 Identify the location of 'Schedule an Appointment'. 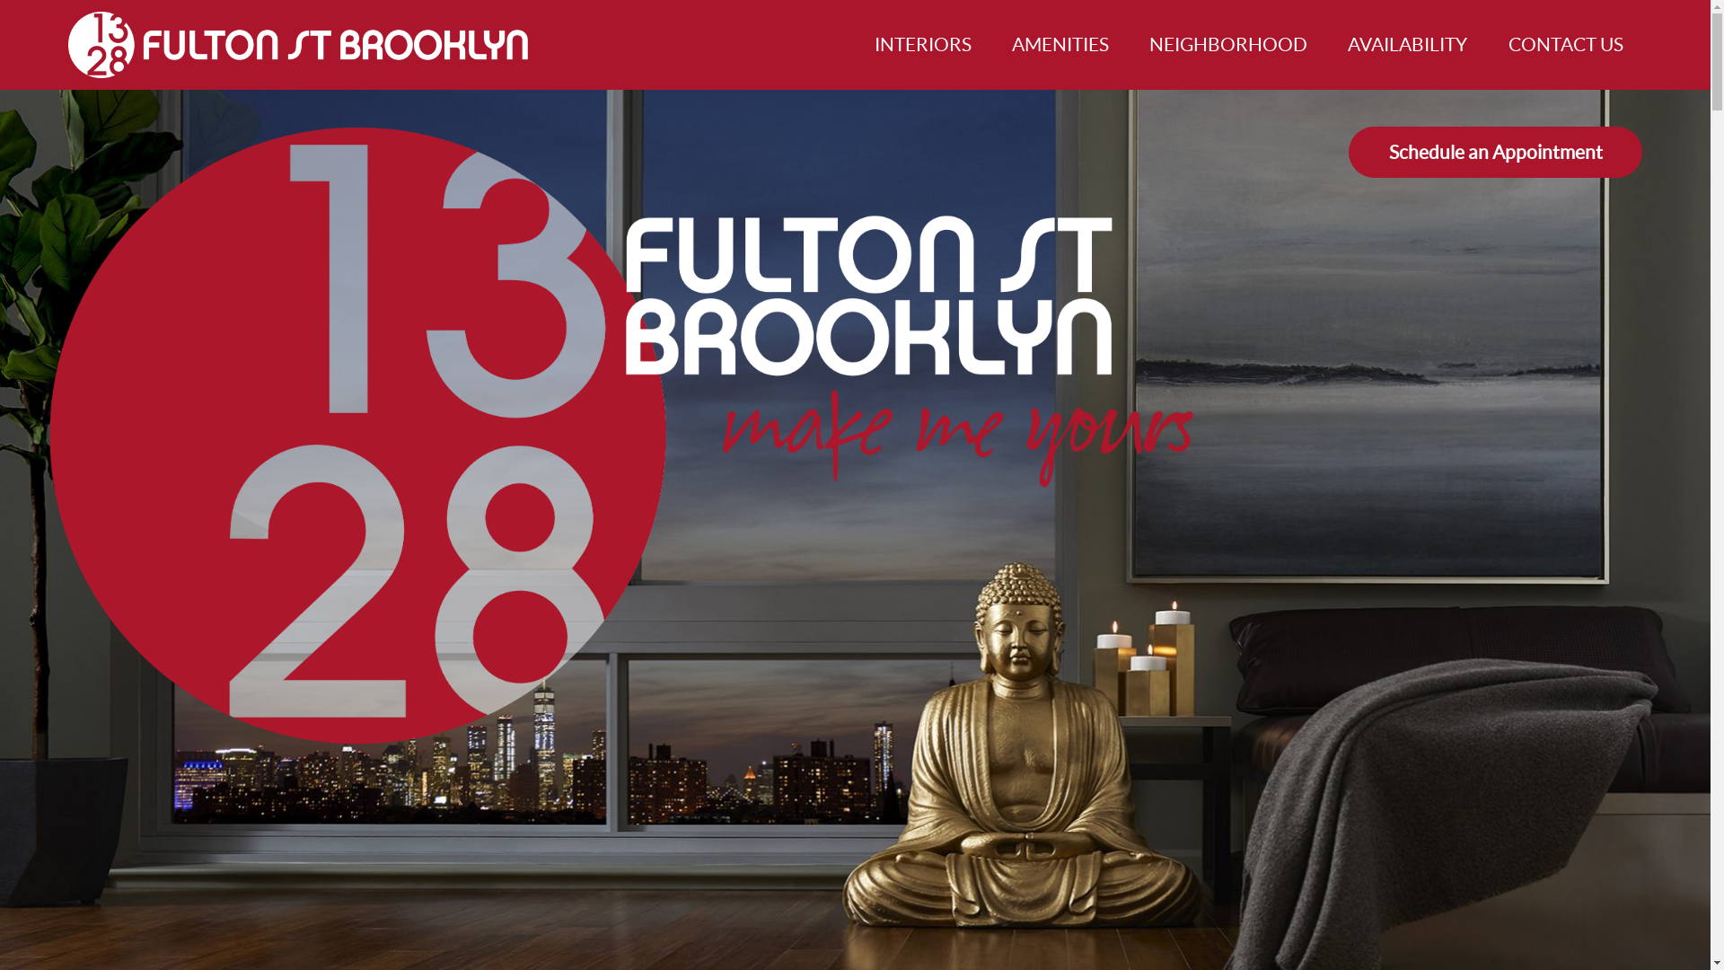
(1495, 151).